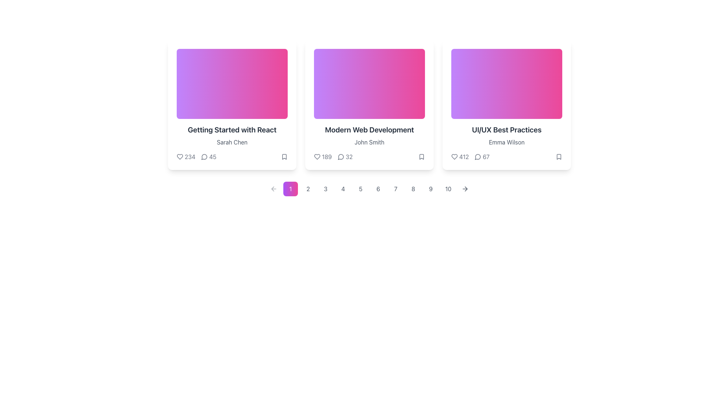  Describe the element at coordinates (325, 188) in the screenshot. I see `the pagination button labeled '3'` at that location.